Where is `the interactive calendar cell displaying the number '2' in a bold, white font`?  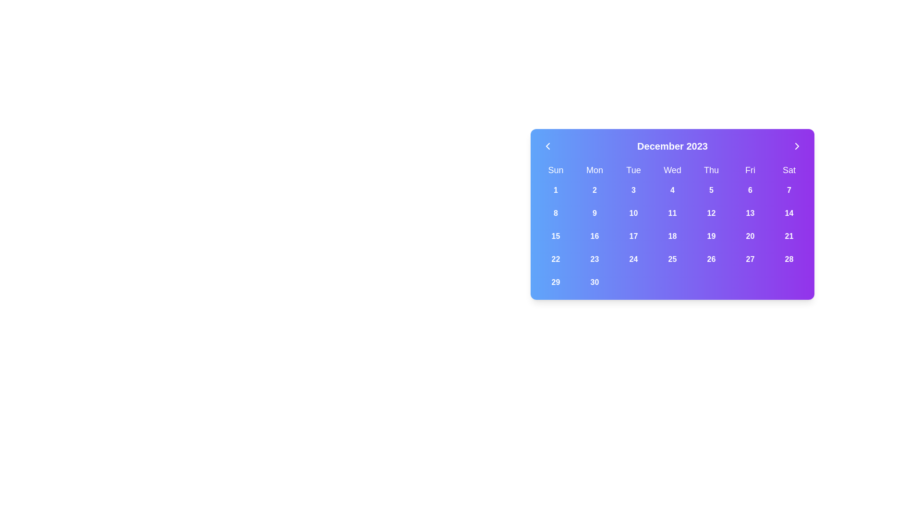
the interactive calendar cell displaying the number '2' in a bold, white font is located at coordinates (594, 190).